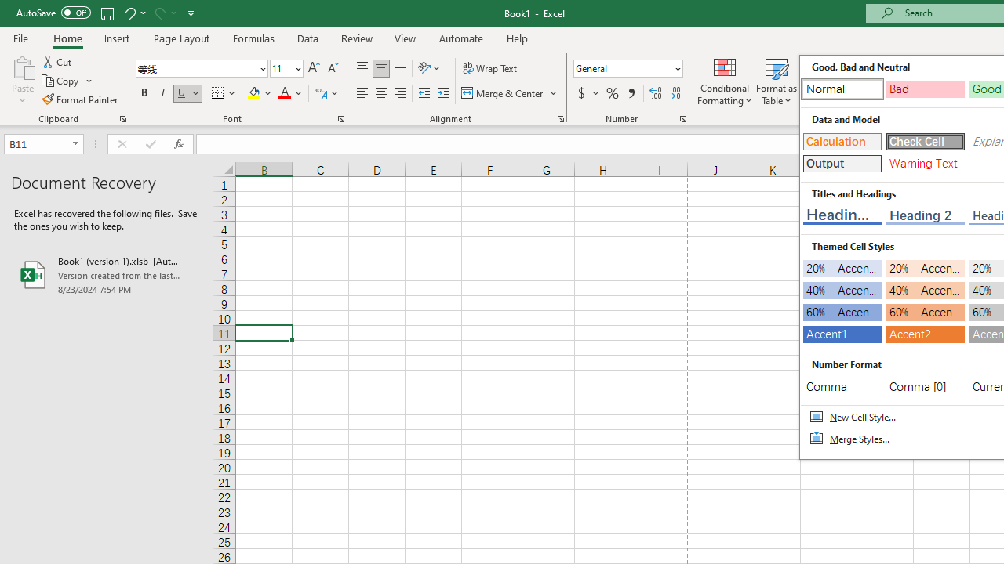 This screenshot has width=1004, height=564. Describe the element at coordinates (777, 81) in the screenshot. I see `'Format as Table'` at that location.